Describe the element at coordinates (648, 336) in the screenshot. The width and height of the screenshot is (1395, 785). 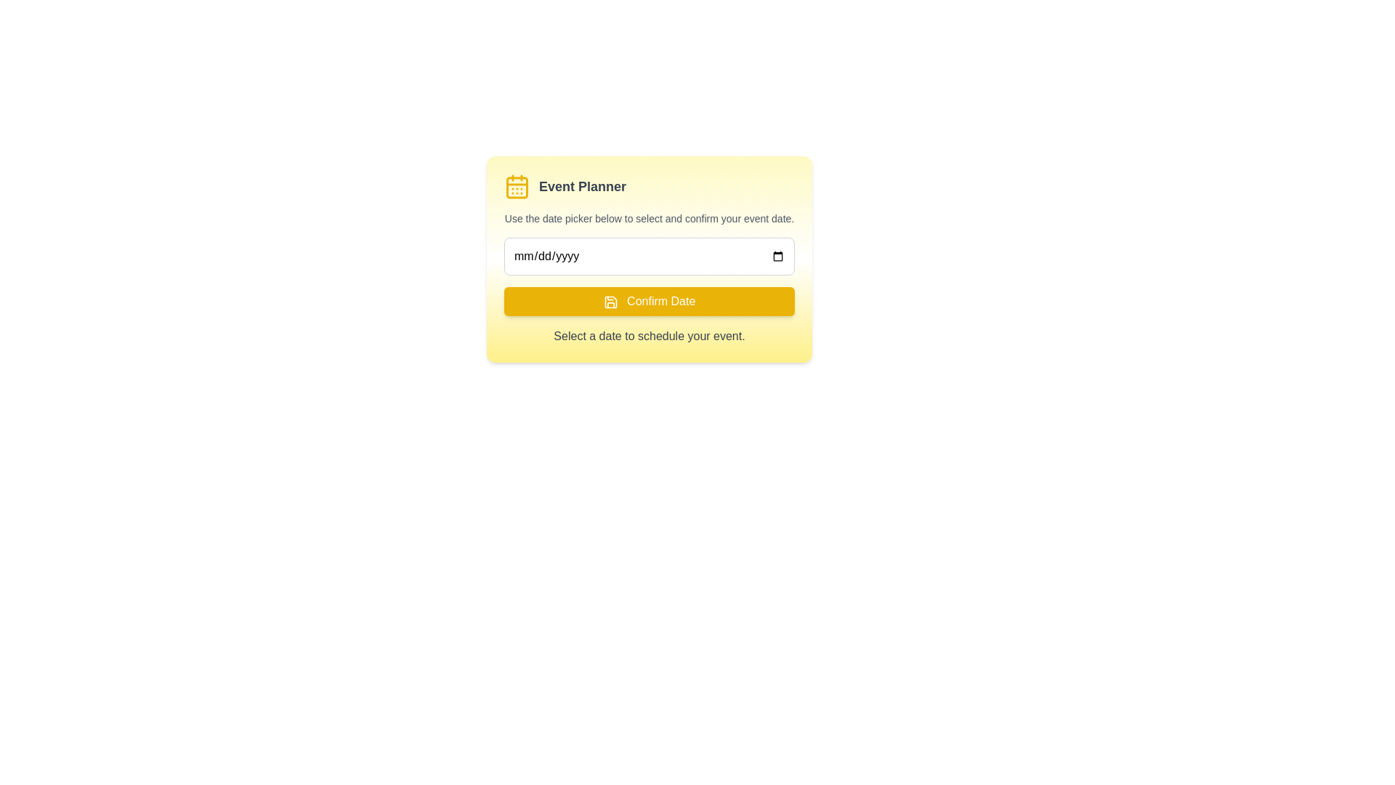
I see `the instructional text display that informs users about the purpose of selecting a date using the date picker, located below the 'Confirm Date' button within the card layout` at that location.